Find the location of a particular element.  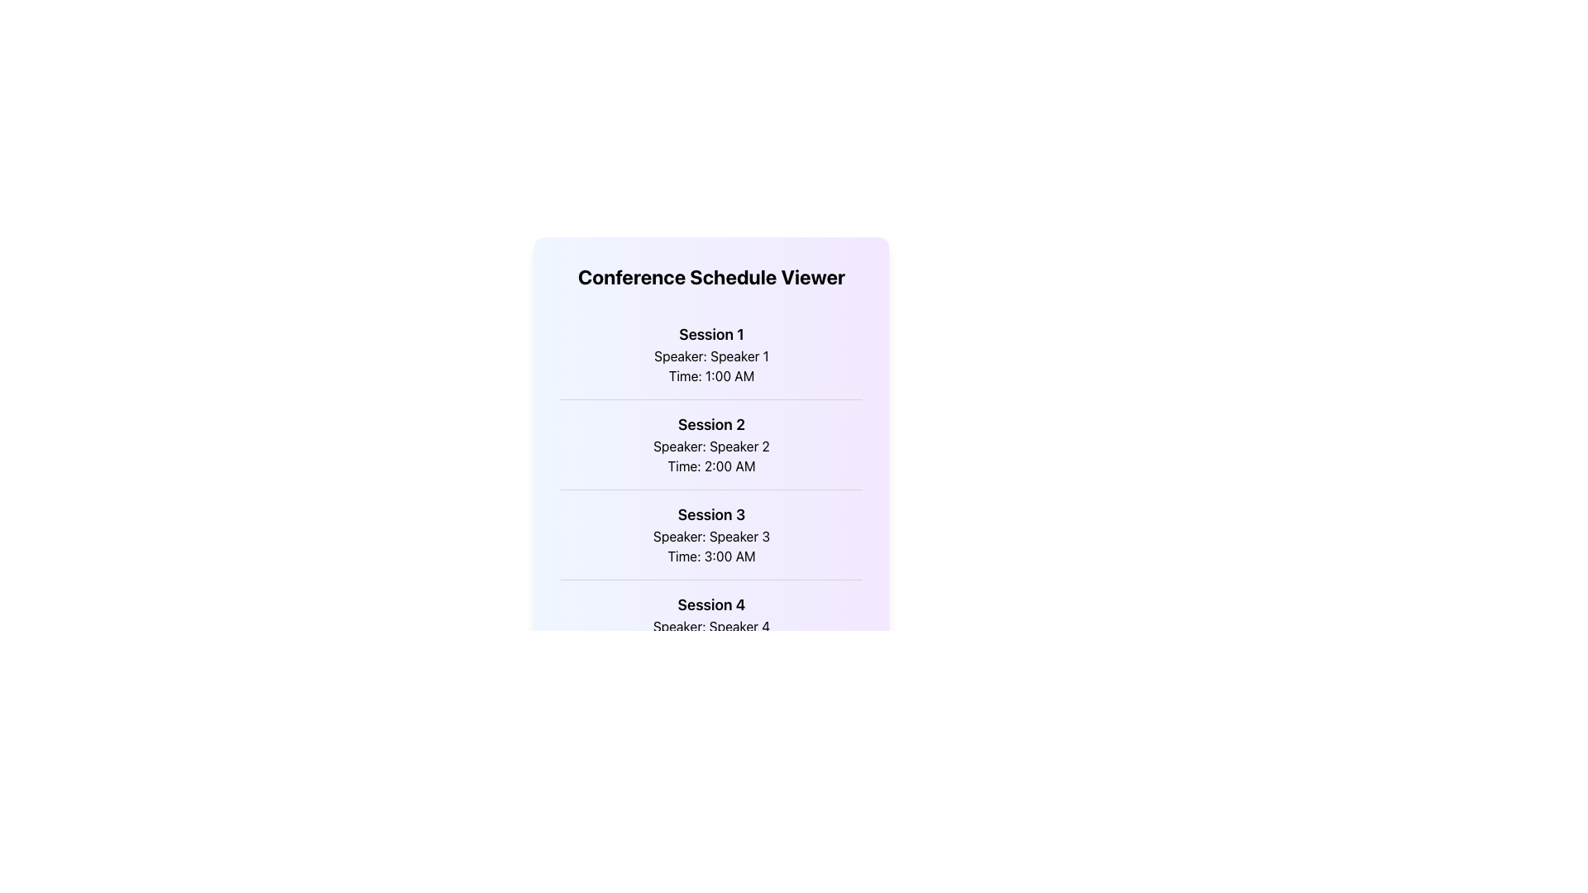

scheduled time for 'Session 2' from the static text element located centrally in the displayed schedule is located at coordinates (711, 466).